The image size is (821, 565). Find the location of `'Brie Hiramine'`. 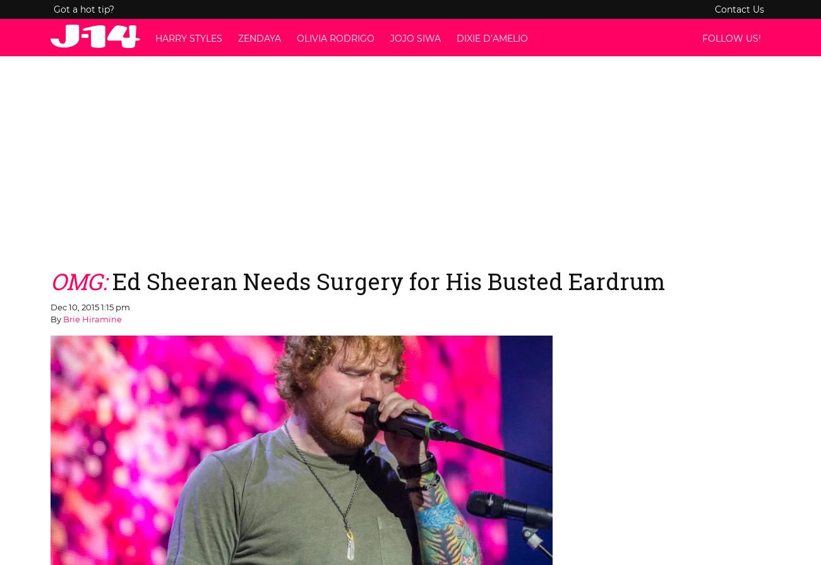

'Brie Hiramine' is located at coordinates (92, 319).